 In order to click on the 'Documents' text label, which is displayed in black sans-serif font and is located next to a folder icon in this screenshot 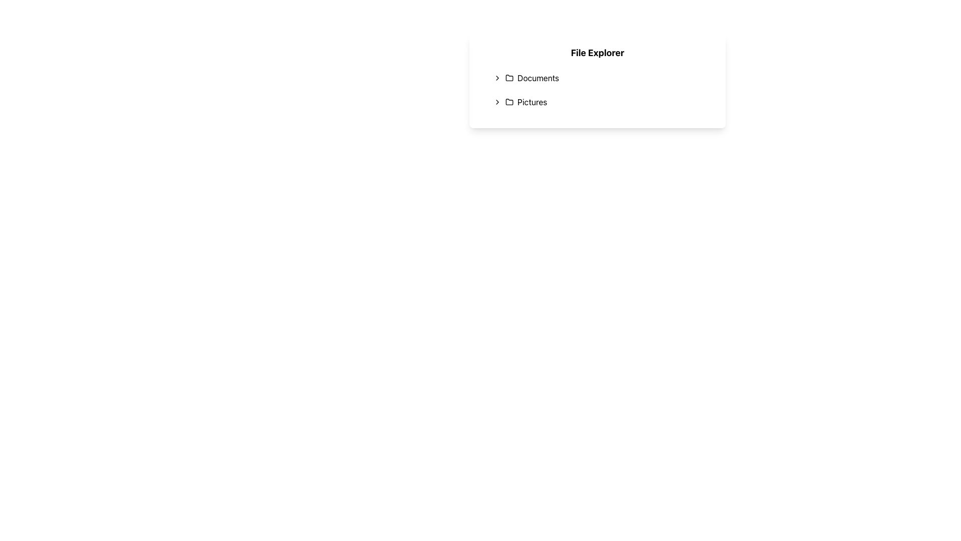, I will do `click(538, 77)`.